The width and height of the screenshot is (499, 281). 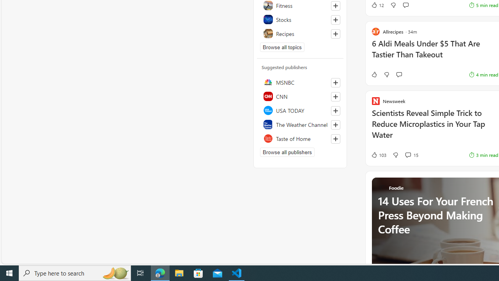 I want to click on 'Follow this source', so click(x=335, y=139).